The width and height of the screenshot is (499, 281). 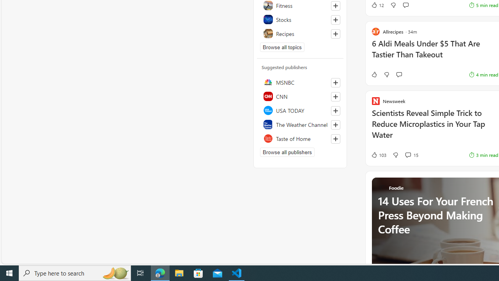 I want to click on 'Follow this source', so click(x=335, y=139).